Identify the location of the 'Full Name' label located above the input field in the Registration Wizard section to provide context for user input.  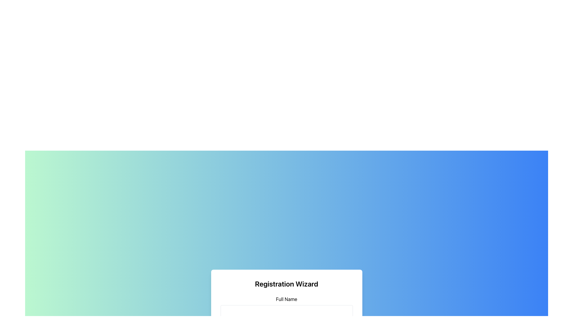
(286, 299).